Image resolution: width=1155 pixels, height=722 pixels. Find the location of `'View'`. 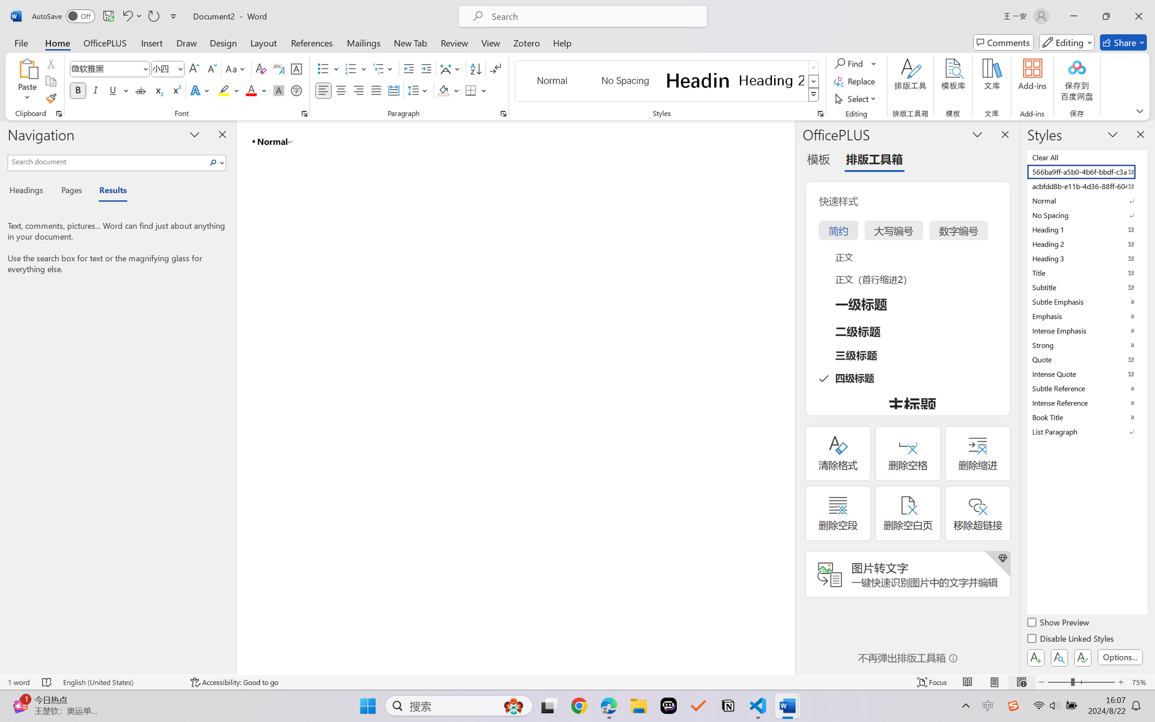

'View' is located at coordinates (491, 42).